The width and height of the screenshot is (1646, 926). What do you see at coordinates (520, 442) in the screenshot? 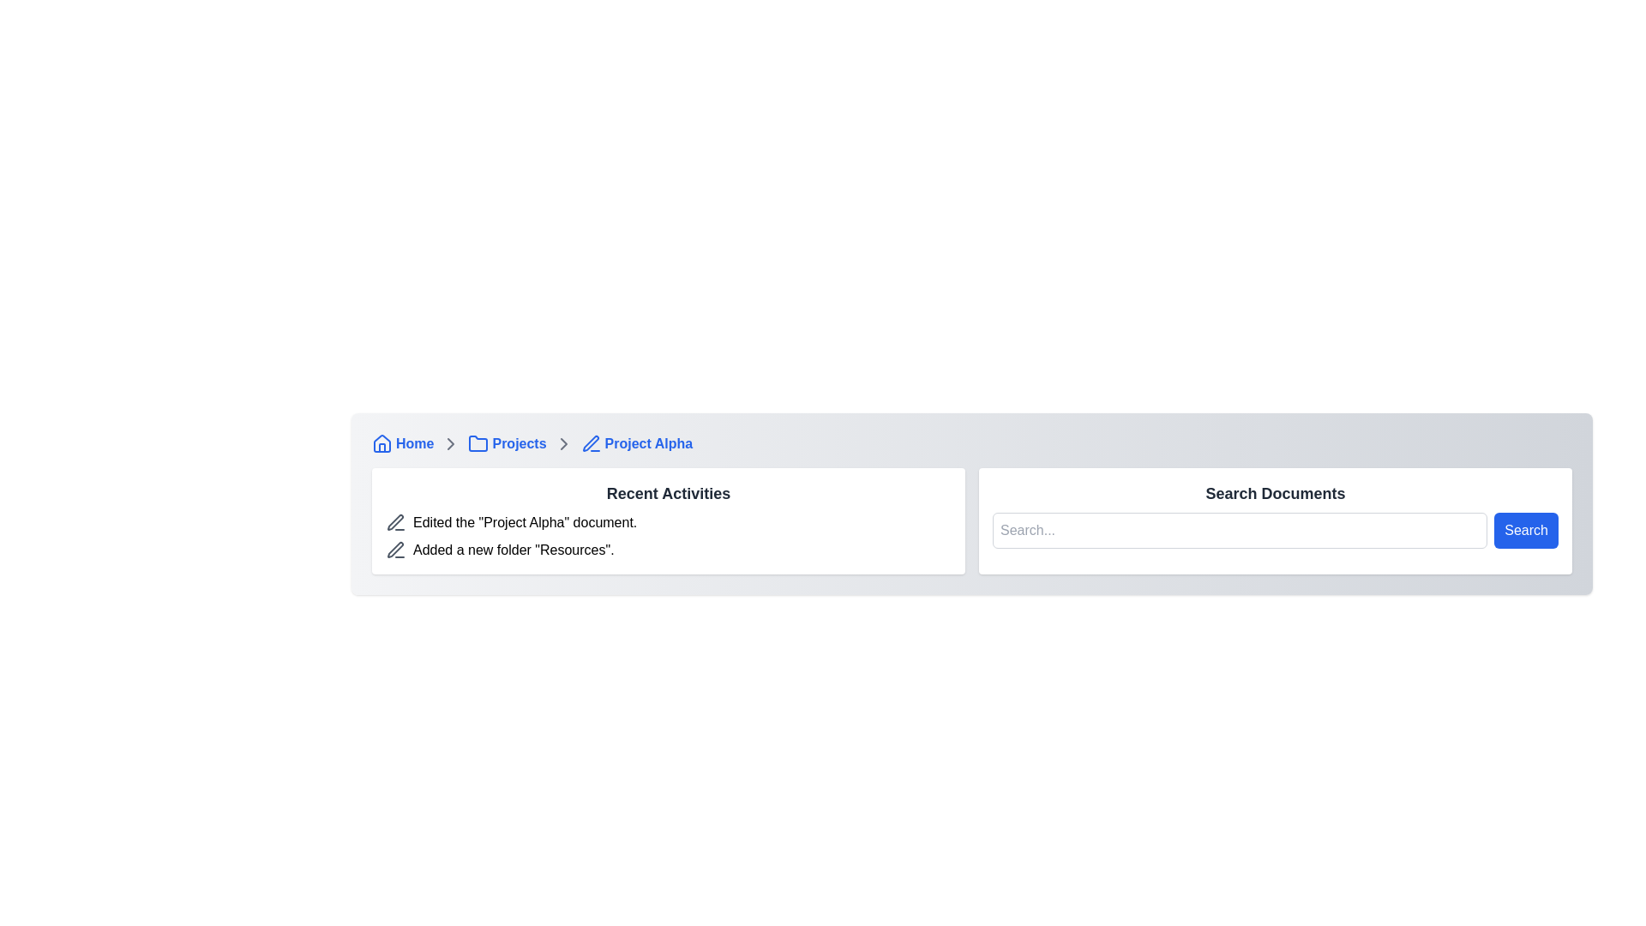
I see `the 'Projects' breadcrumb navigation item, which consists of a blue folder icon and the text 'Projects' followed by a right arrow symbol` at bounding box center [520, 442].